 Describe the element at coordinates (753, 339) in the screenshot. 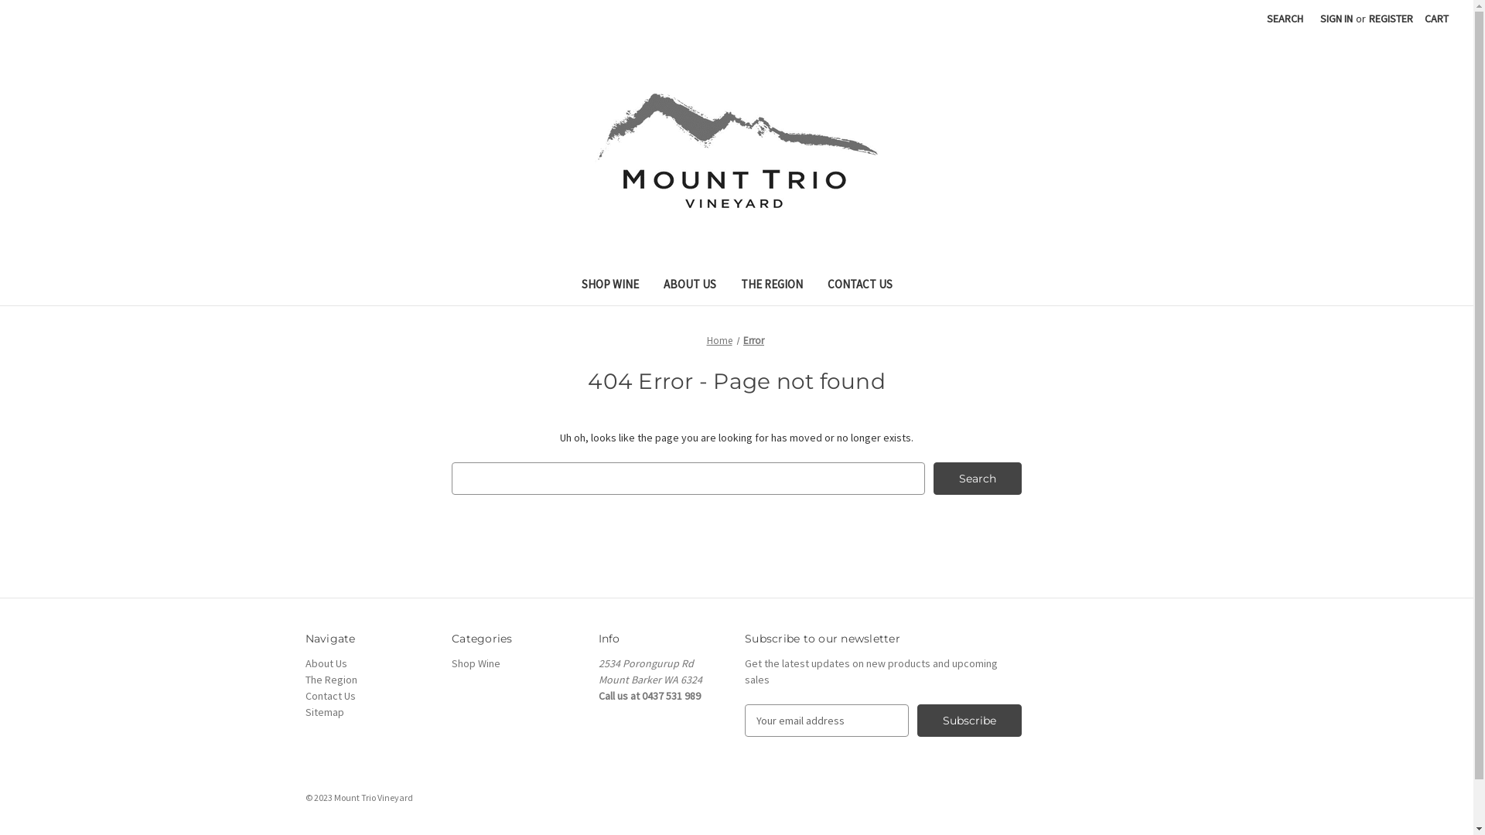

I see `'Error'` at that location.